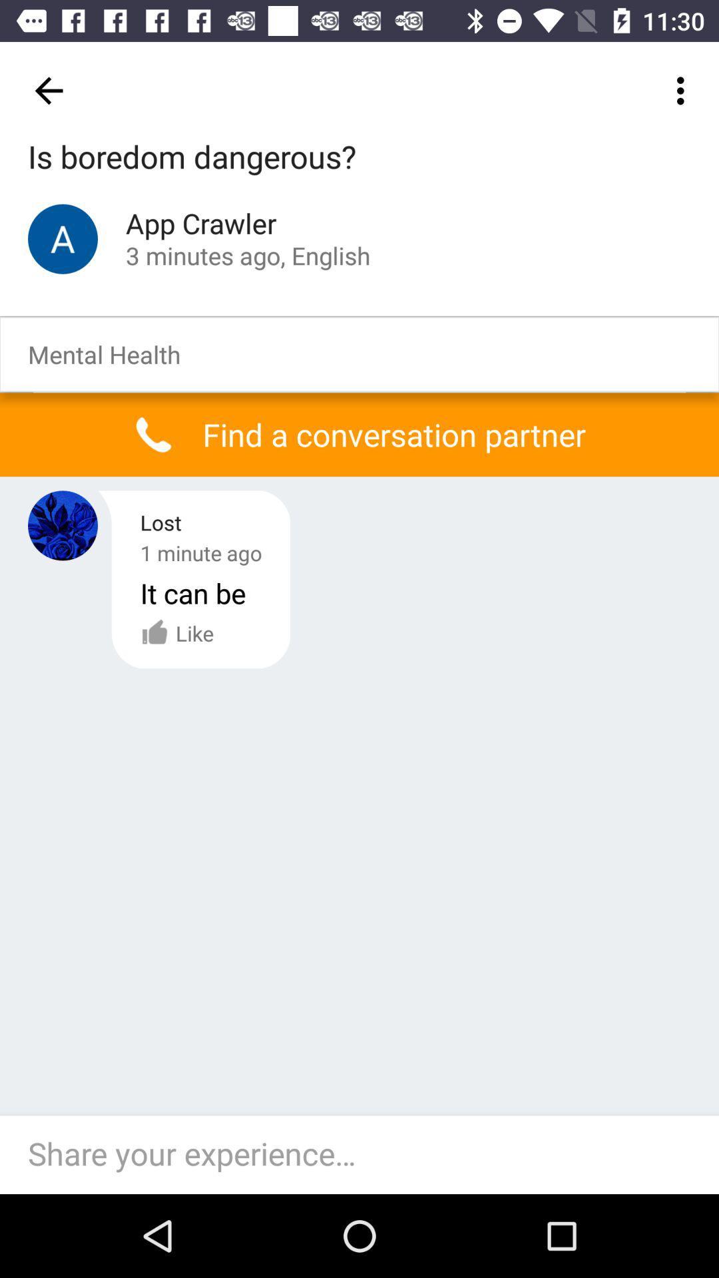  I want to click on it can be icon, so click(193, 592).